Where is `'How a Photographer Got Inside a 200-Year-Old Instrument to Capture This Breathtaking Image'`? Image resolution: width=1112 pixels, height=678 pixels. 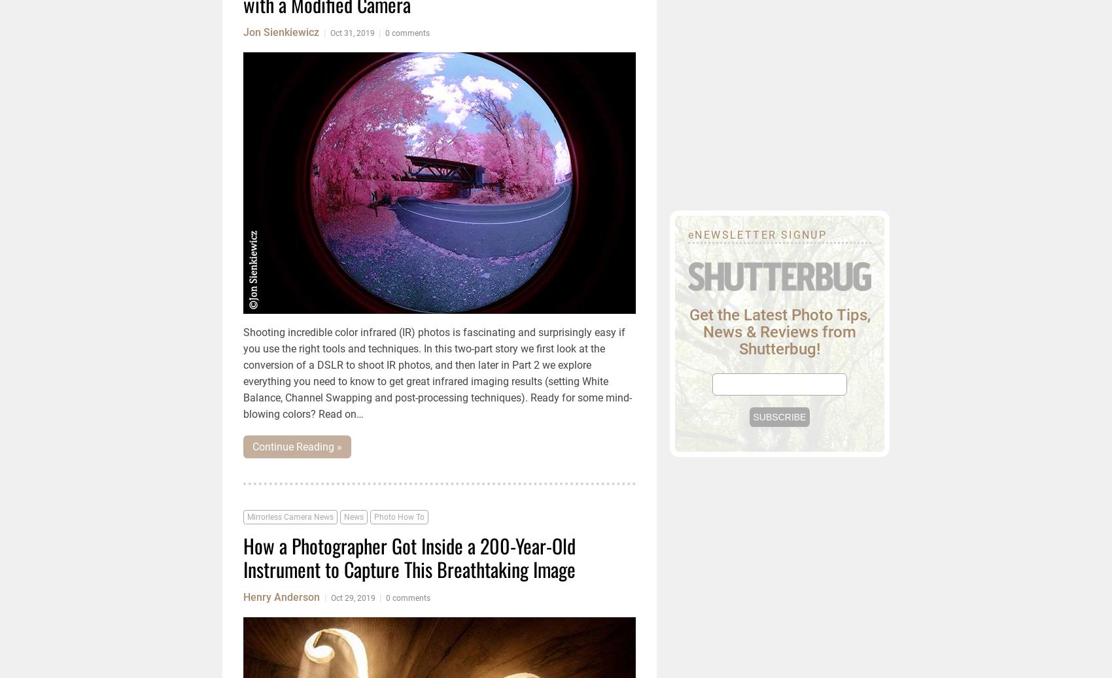 'How a Photographer Got Inside a 200-Year-Old Instrument to Capture This Breathtaking Image' is located at coordinates (408, 557).